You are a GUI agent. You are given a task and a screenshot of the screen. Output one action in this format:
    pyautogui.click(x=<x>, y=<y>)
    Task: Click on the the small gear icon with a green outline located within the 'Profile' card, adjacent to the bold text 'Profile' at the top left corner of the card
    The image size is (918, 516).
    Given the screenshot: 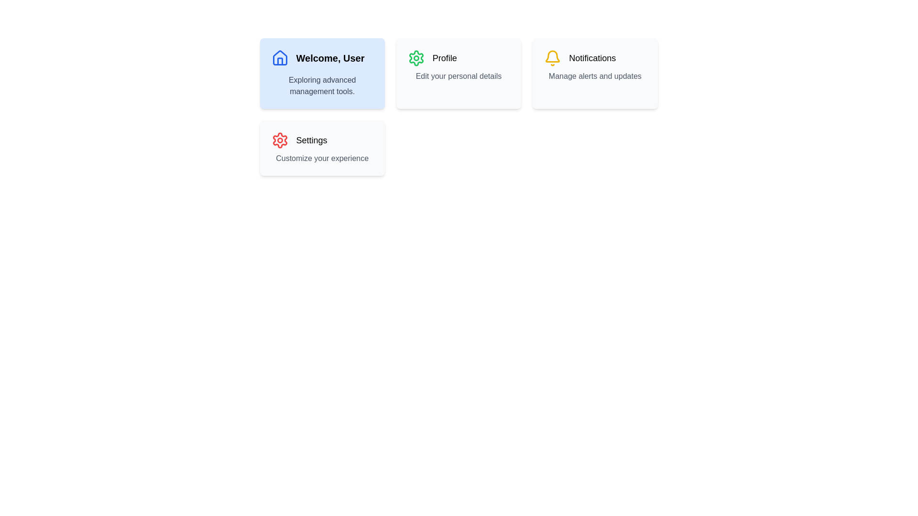 What is the action you would take?
    pyautogui.click(x=416, y=58)
    